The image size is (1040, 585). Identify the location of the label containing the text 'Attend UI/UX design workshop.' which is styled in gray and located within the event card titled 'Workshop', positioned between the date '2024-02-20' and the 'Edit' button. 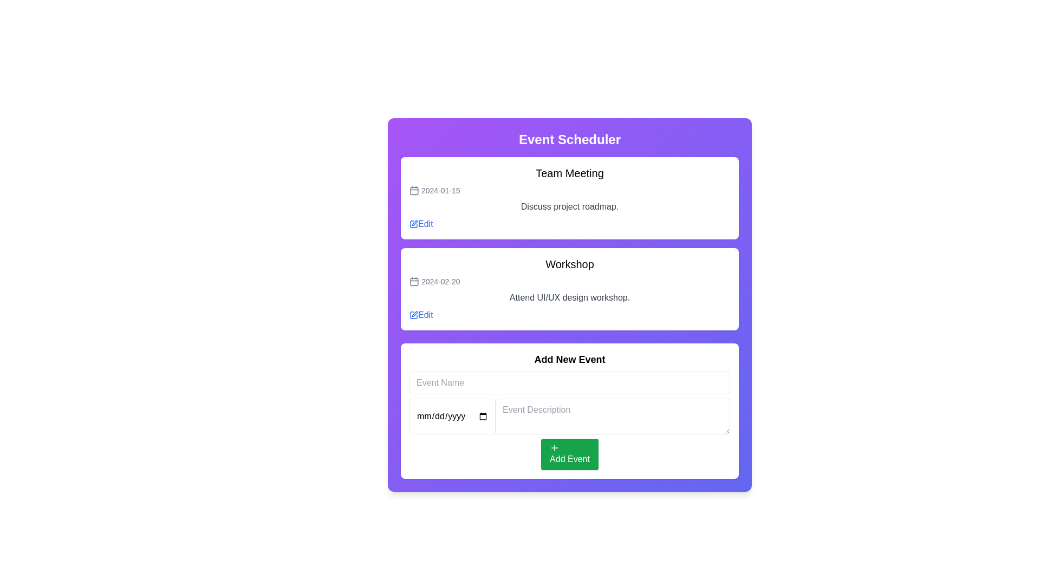
(569, 298).